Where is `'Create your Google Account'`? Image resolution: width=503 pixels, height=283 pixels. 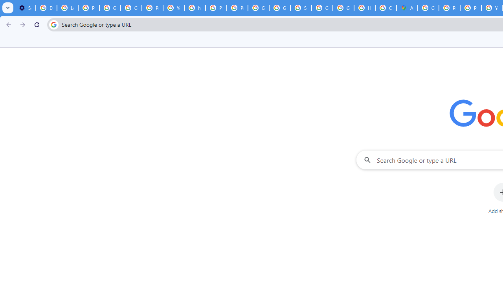 'Create your Google Account' is located at coordinates (386, 8).